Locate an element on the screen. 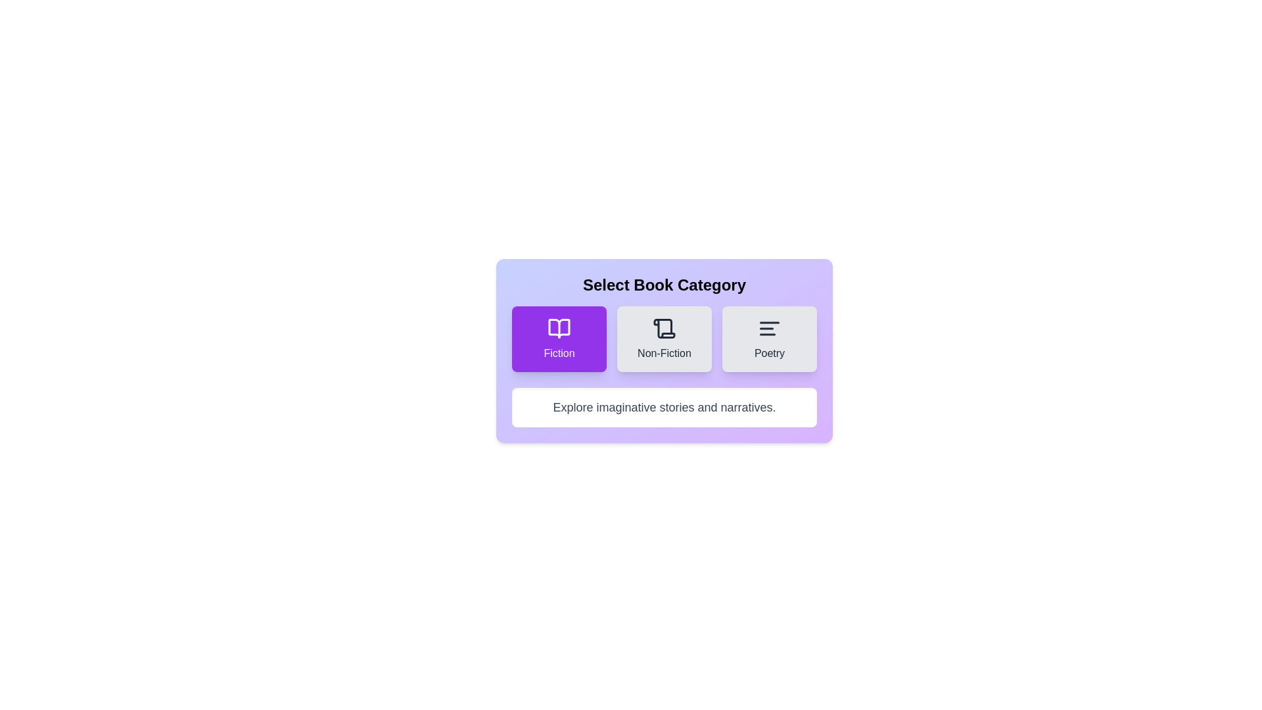  the Non-Fiction button to observe the hover effect is located at coordinates (665, 339).